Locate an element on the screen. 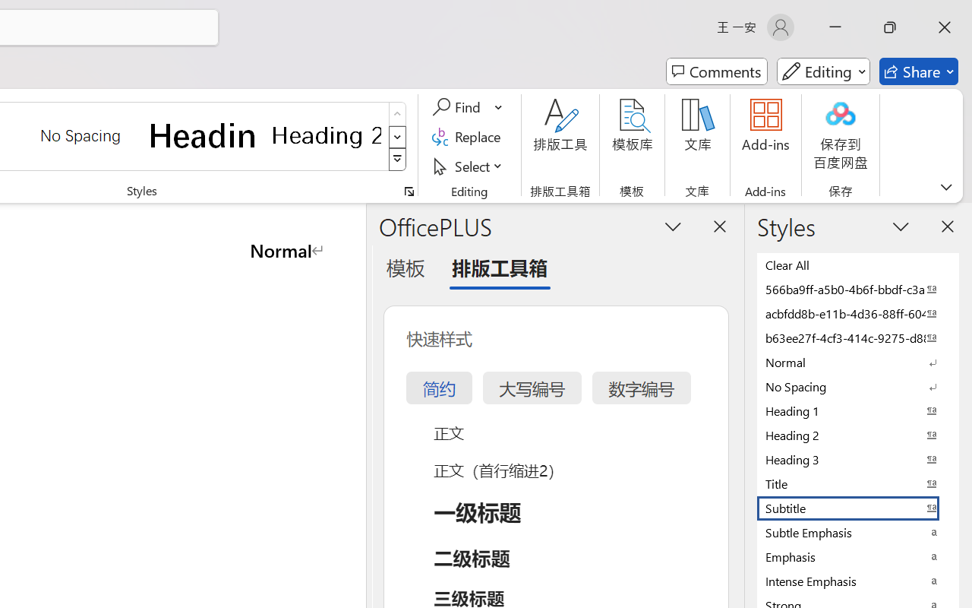 The height and width of the screenshot is (608, 972). 'Intense Emphasis' is located at coordinates (858, 581).